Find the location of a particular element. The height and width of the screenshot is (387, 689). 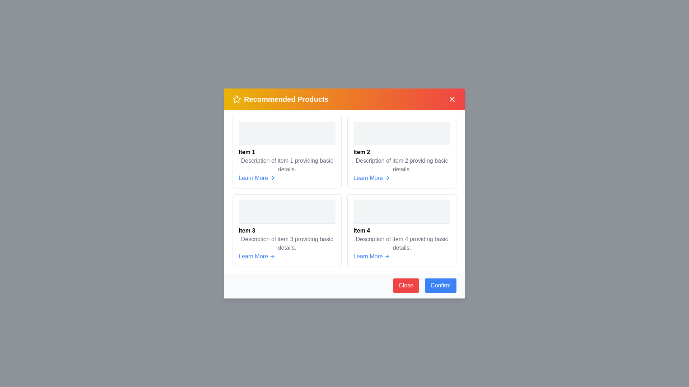

the 'Learn More' link for item 2 is located at coordinates (371, 178).